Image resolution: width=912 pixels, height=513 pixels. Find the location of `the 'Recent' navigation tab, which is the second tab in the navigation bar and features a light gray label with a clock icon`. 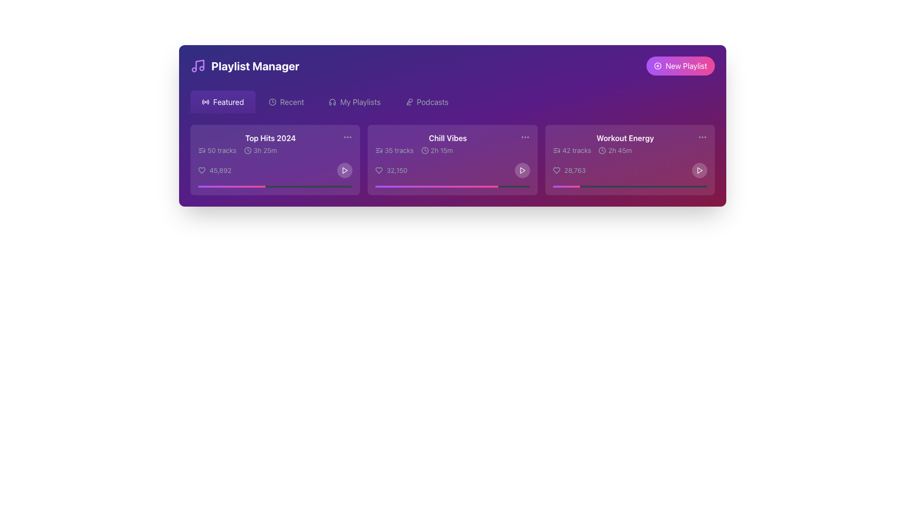

the 'Recent' navigation tab, which is the second tab in the navigation bar and features a light gray label with a clock icon is located at coordinates (286, 102).